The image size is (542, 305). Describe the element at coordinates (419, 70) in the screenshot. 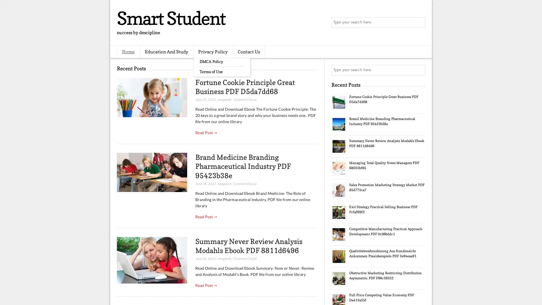

I see `Search` at that location.